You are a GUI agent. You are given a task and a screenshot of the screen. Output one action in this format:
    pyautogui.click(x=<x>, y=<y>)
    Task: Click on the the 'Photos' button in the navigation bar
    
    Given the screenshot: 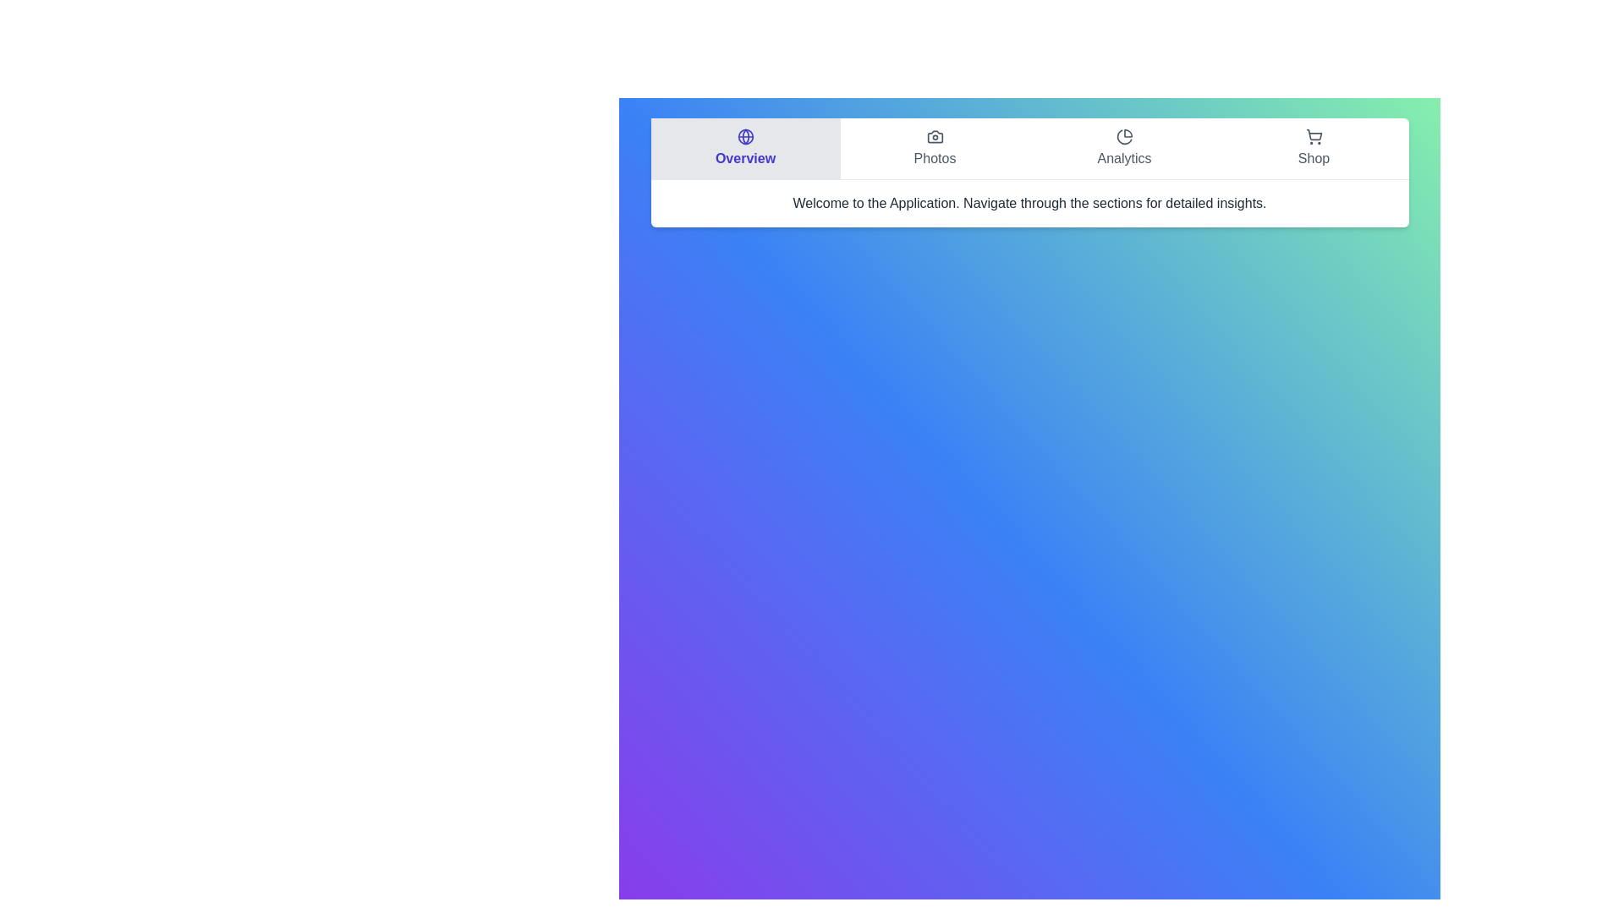 What is the action you would take?
    pyautogui.click(x=934, y=148)
    